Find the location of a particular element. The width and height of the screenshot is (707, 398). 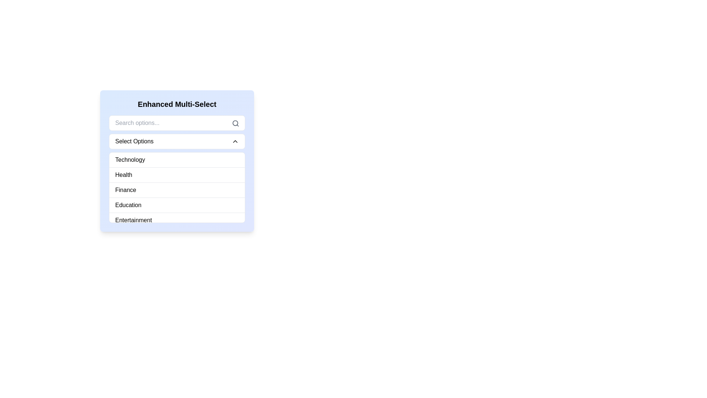

the 'Finance' option in the dropdown list, which is the third item and displayed in bold text is located at coordinates (126, 190).